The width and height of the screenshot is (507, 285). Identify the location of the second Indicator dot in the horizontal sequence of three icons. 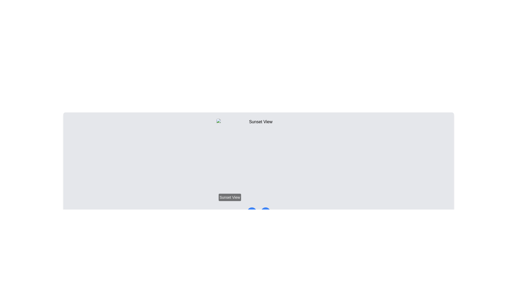
(259, 223).